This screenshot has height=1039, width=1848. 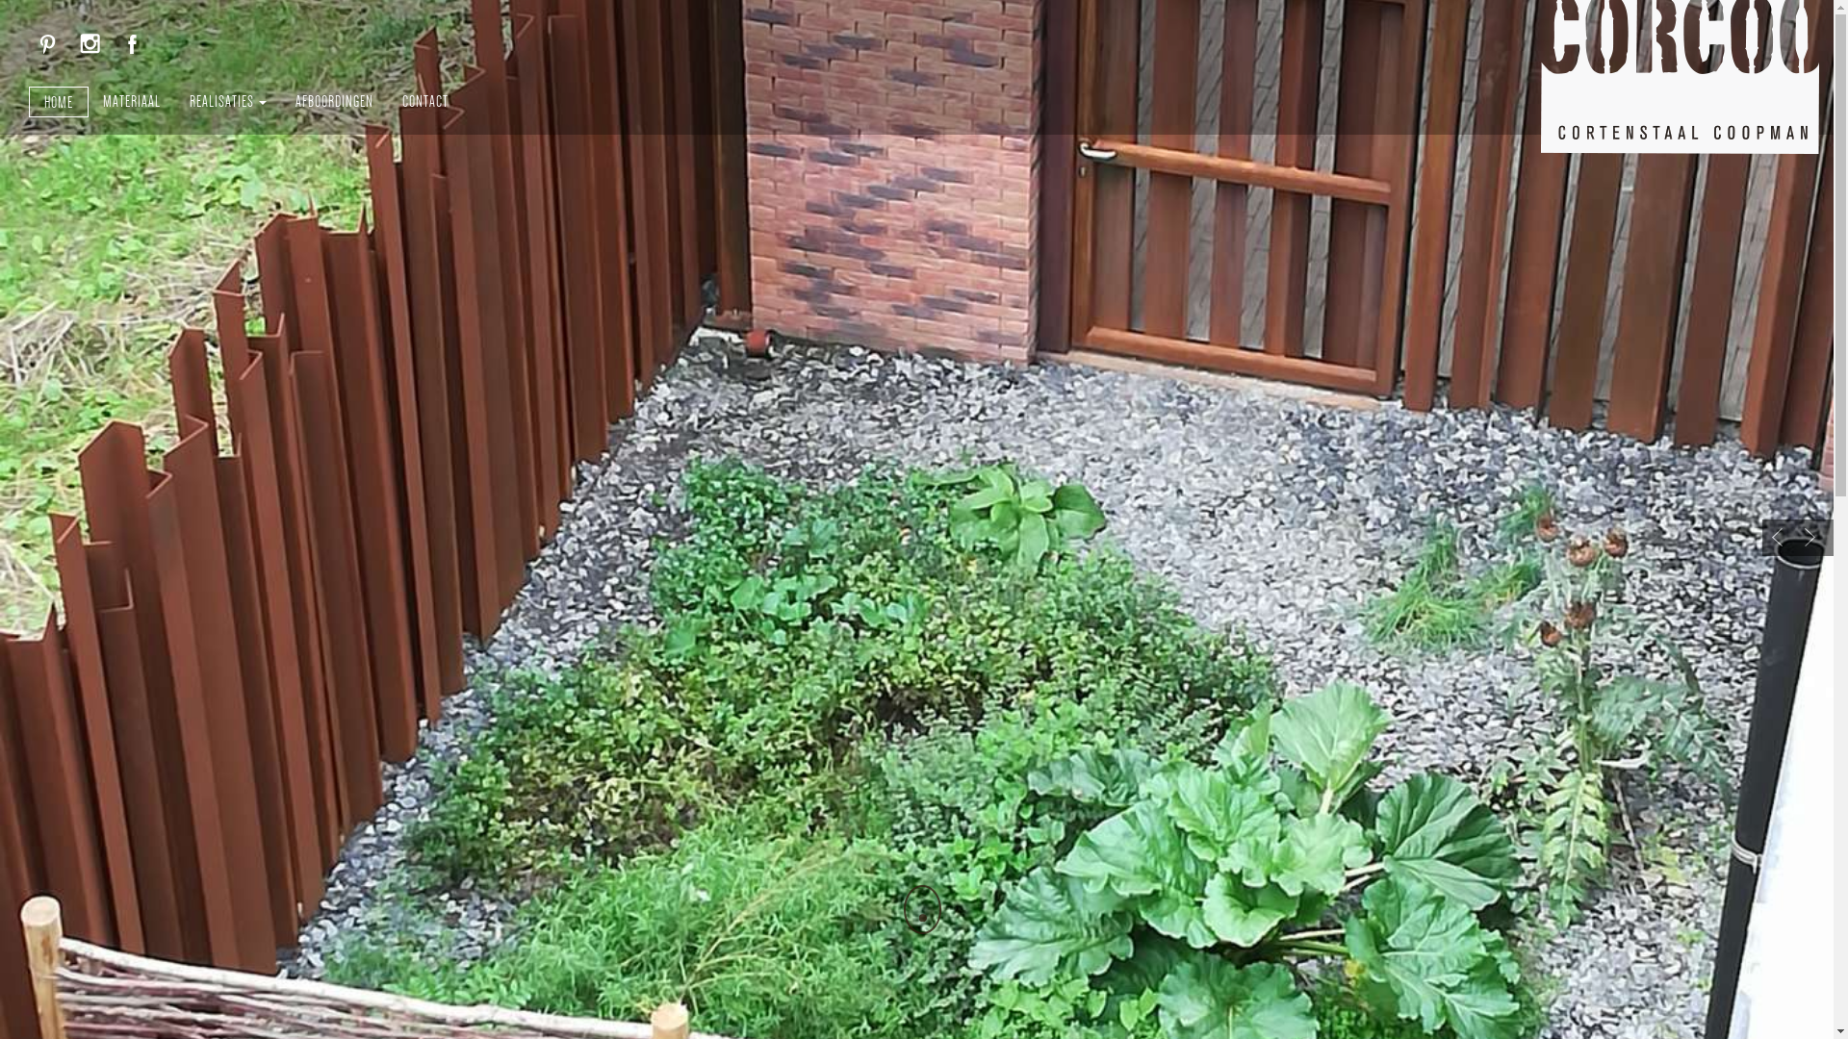 I want to click on 'MATERIAAL', so click(x=131, y=100).